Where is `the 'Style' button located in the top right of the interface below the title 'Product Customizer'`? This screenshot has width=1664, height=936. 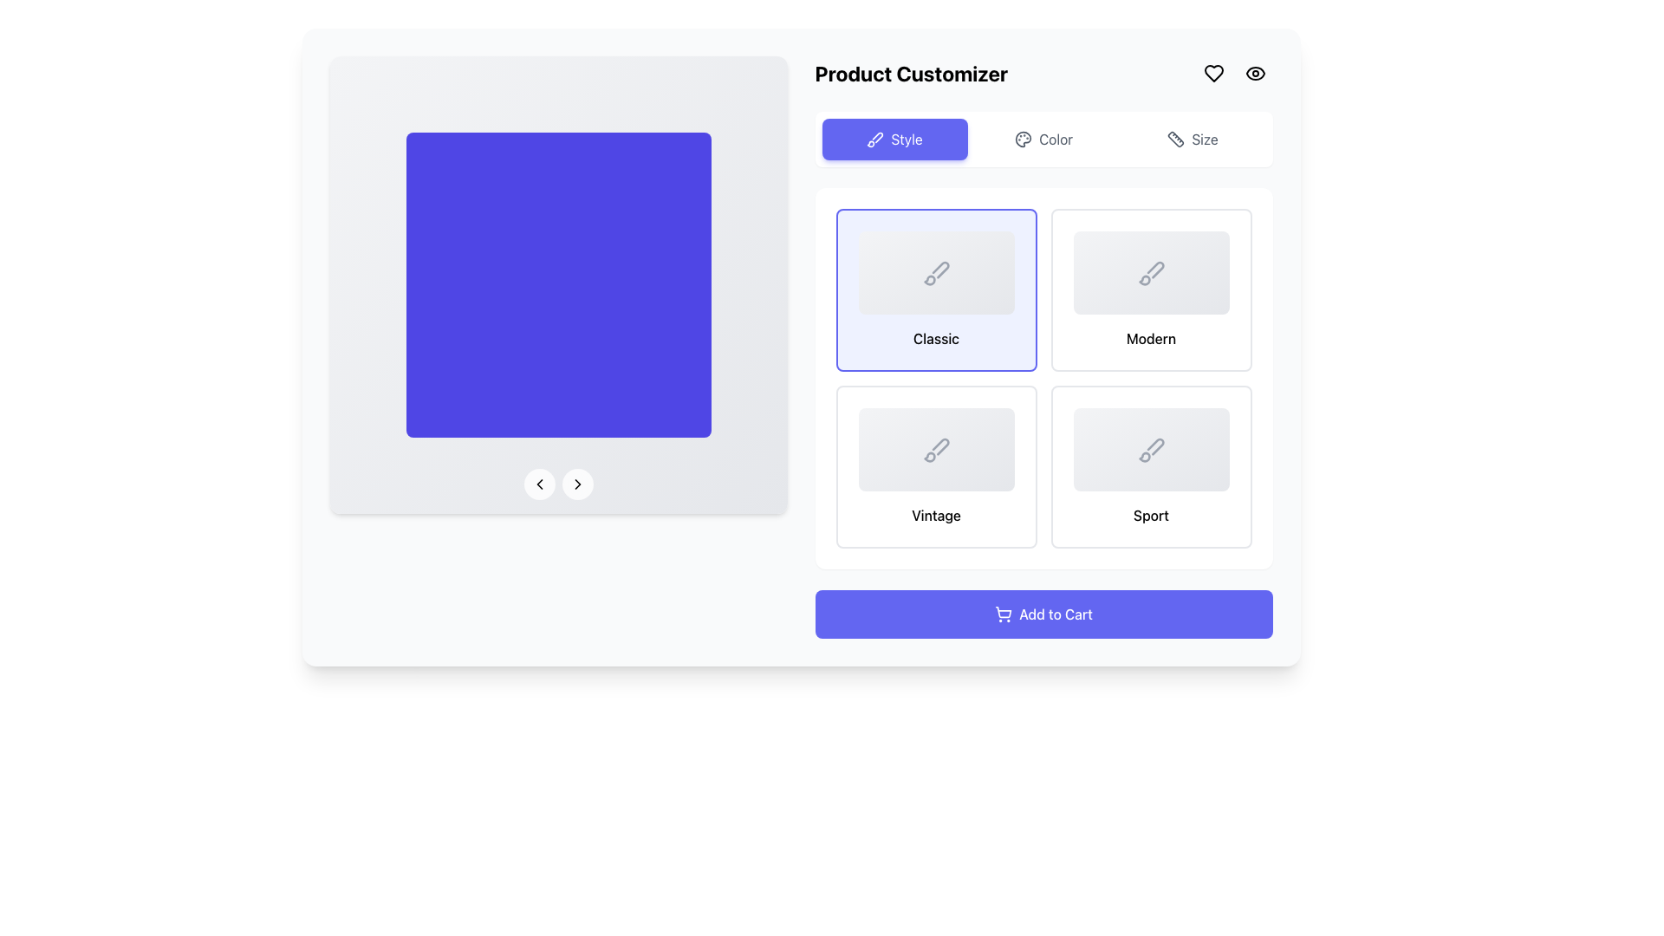
the 'Style' button located in the top right of the interface below the title 'Product Customizer' is located at coordinates (894, 139).